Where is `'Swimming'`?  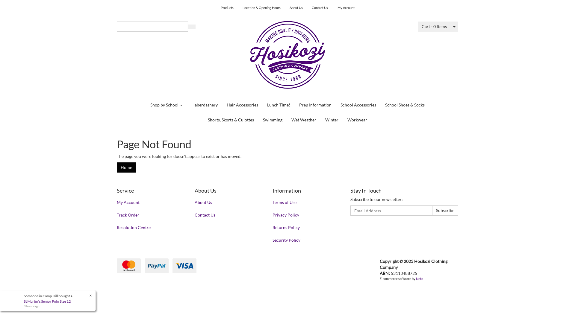
'Swimming' is located at coordinates (272, 120).